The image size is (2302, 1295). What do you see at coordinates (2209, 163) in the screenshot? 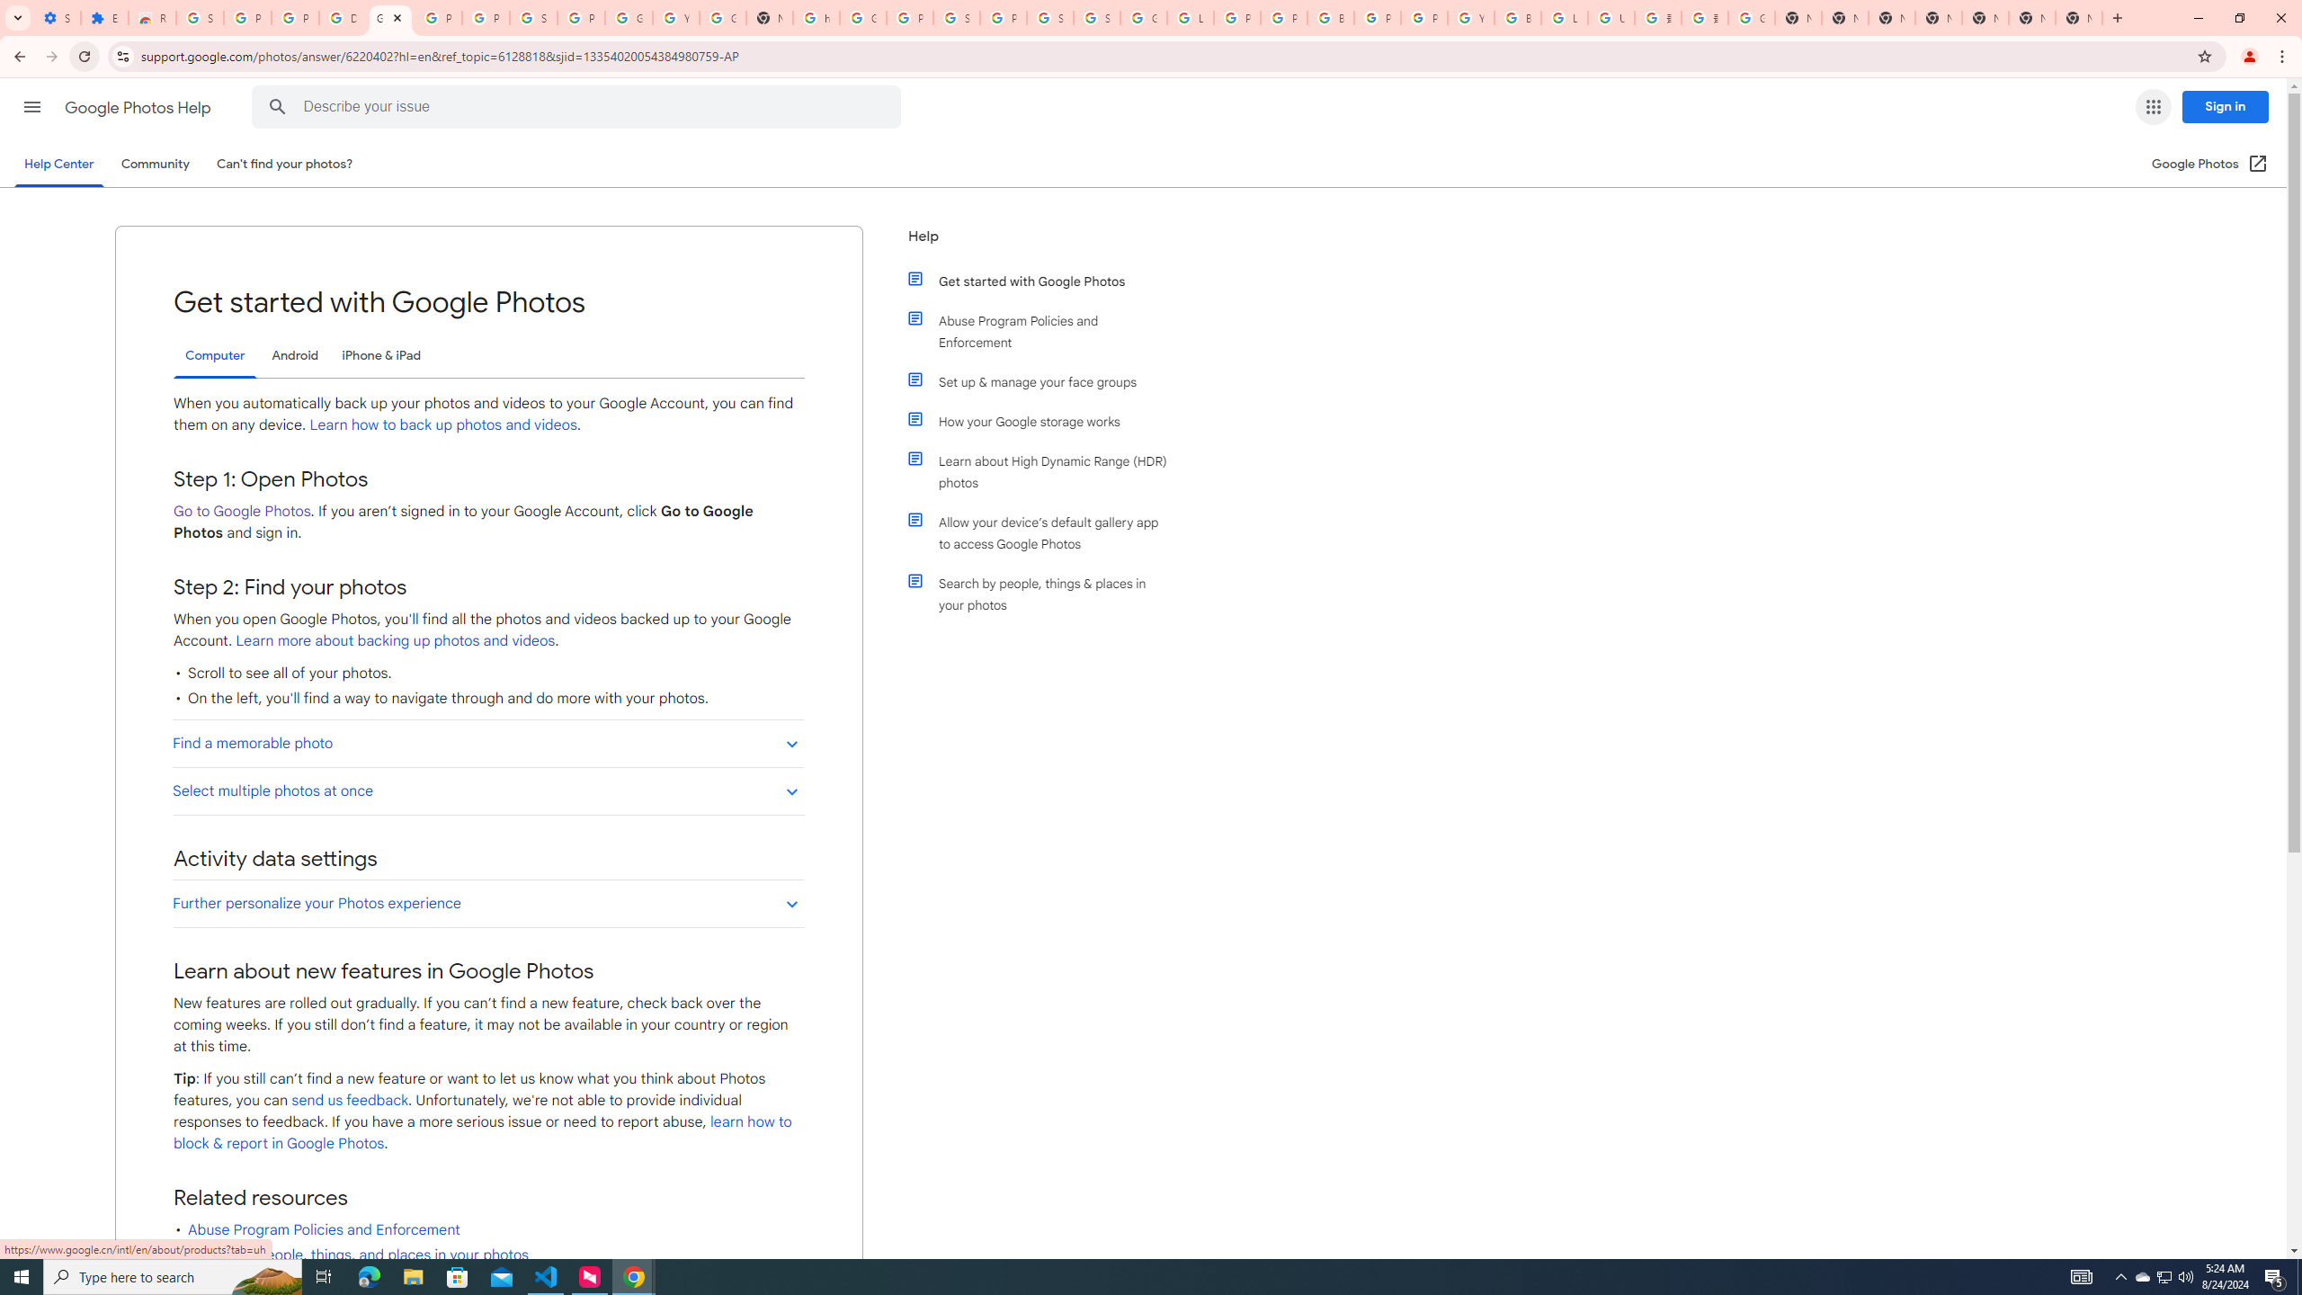
I see `'Google Photos (Open in a new window)'` at bounding box center [2209, 163].